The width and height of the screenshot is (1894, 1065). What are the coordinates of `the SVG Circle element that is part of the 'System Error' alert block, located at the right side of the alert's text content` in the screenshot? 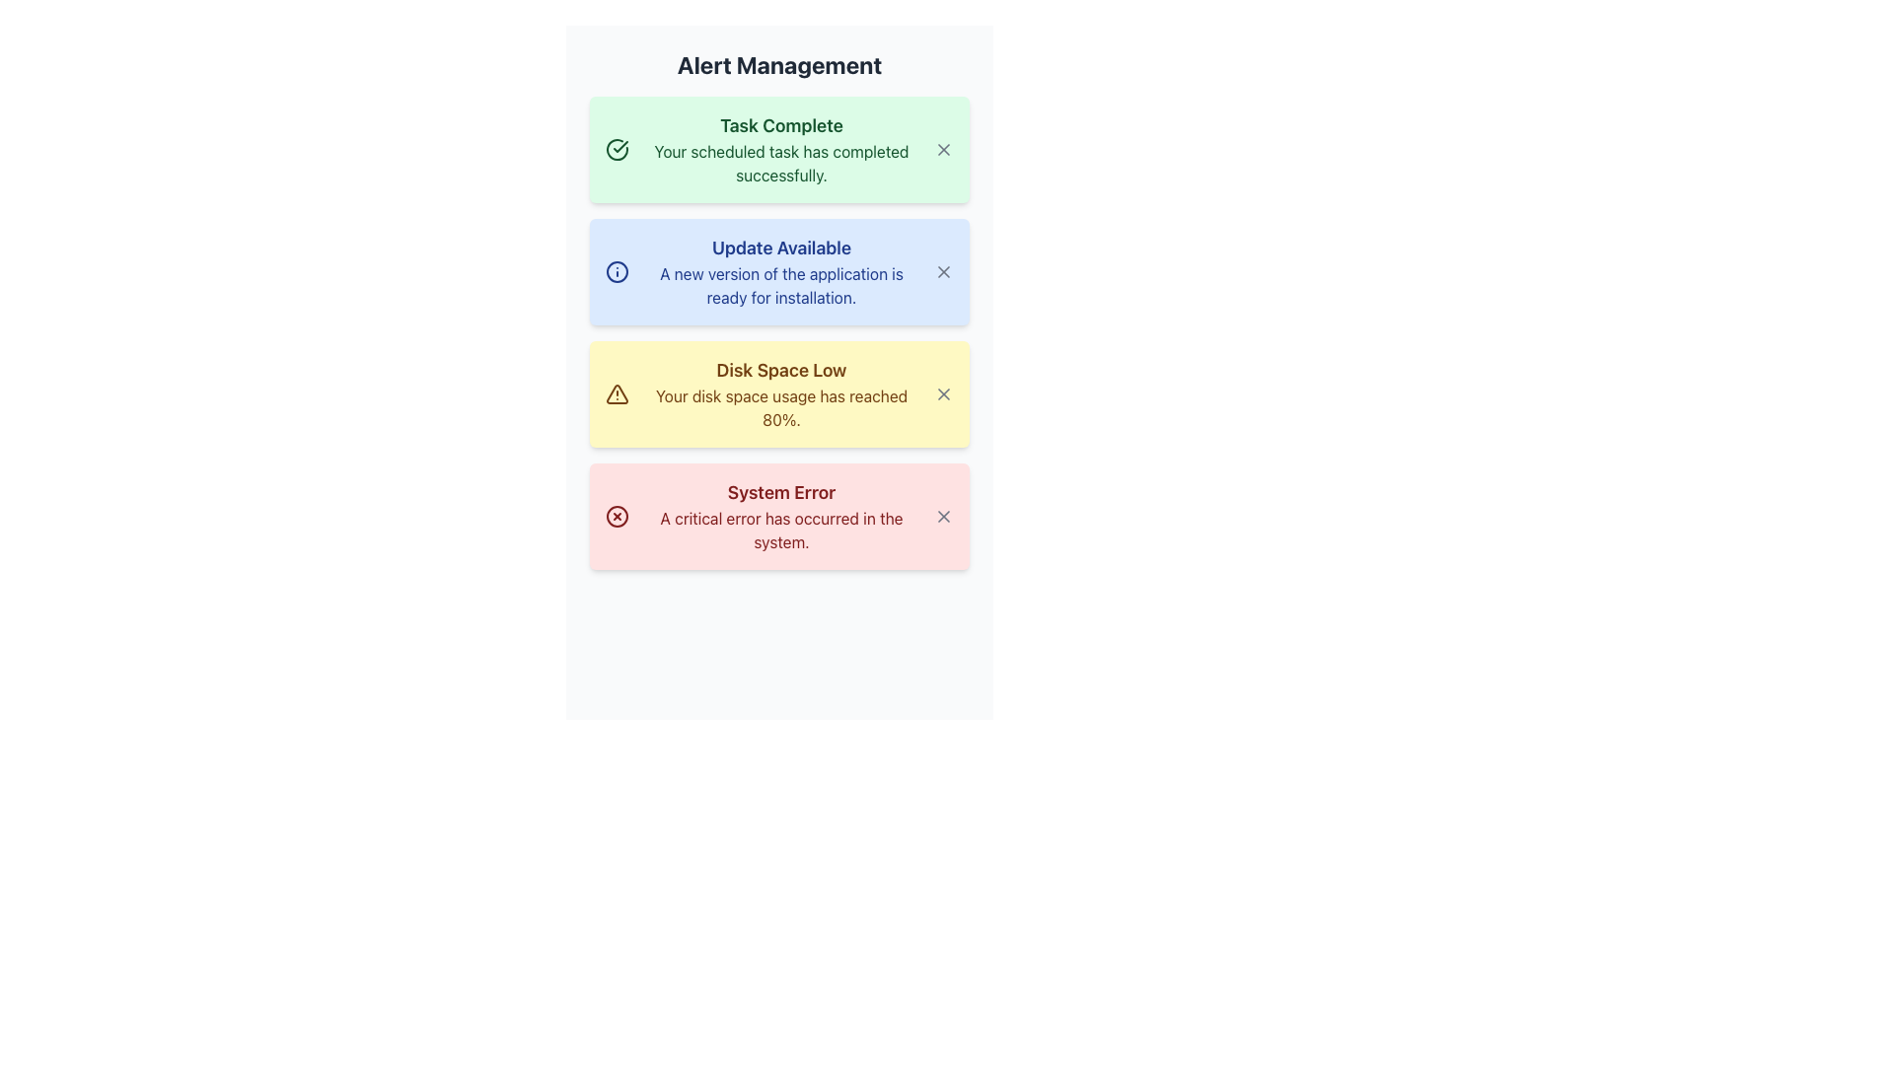 It's located at (616, 516).